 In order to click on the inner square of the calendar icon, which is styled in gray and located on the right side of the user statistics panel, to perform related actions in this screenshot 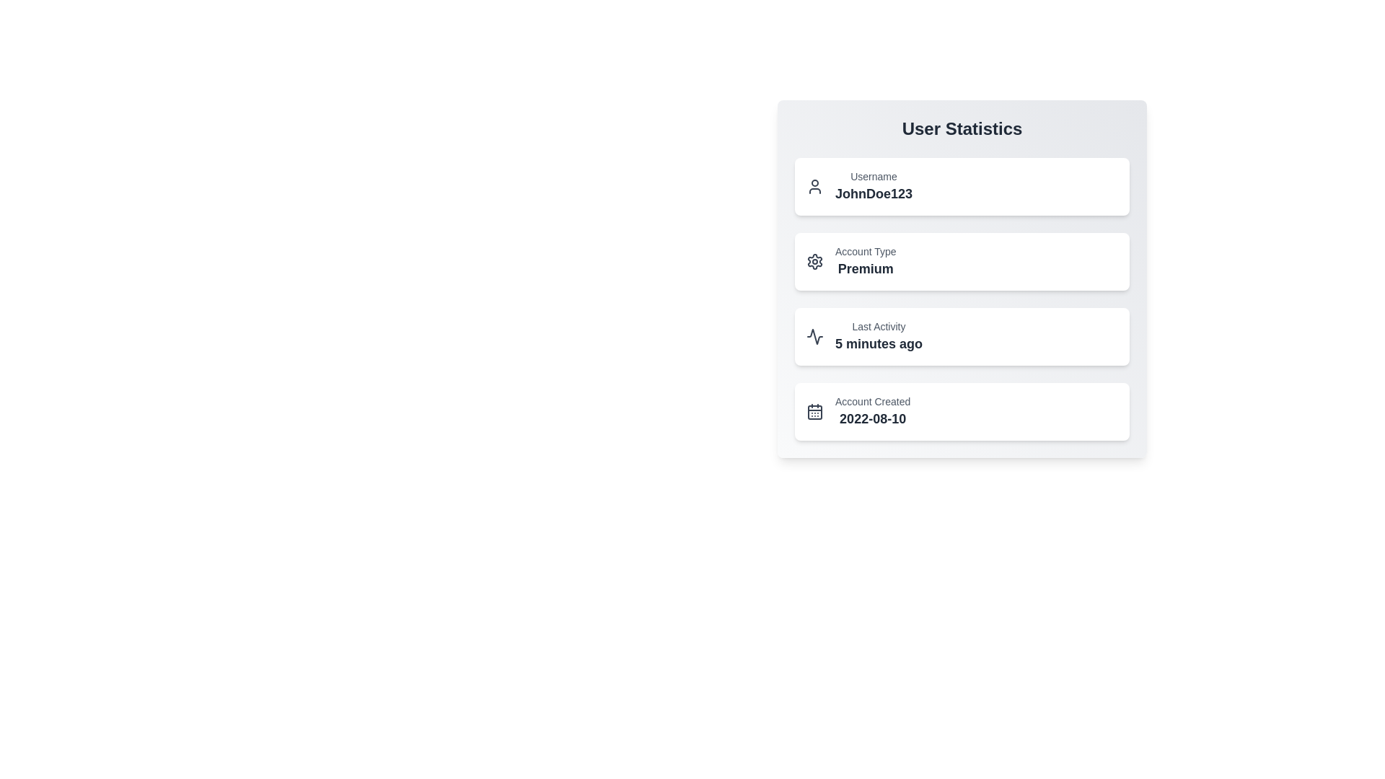, I will do `click(814, 412)`.